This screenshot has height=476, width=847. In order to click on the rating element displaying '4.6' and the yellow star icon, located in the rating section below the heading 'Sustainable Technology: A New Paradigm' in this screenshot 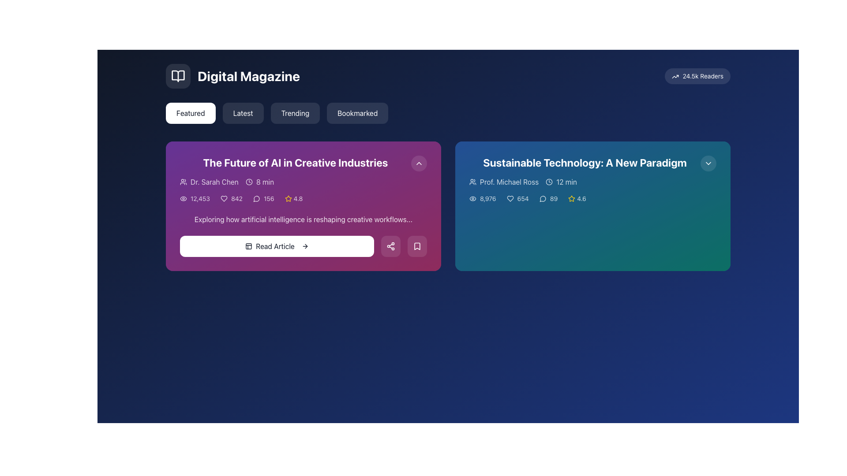, I will do `click(577, 199)`.